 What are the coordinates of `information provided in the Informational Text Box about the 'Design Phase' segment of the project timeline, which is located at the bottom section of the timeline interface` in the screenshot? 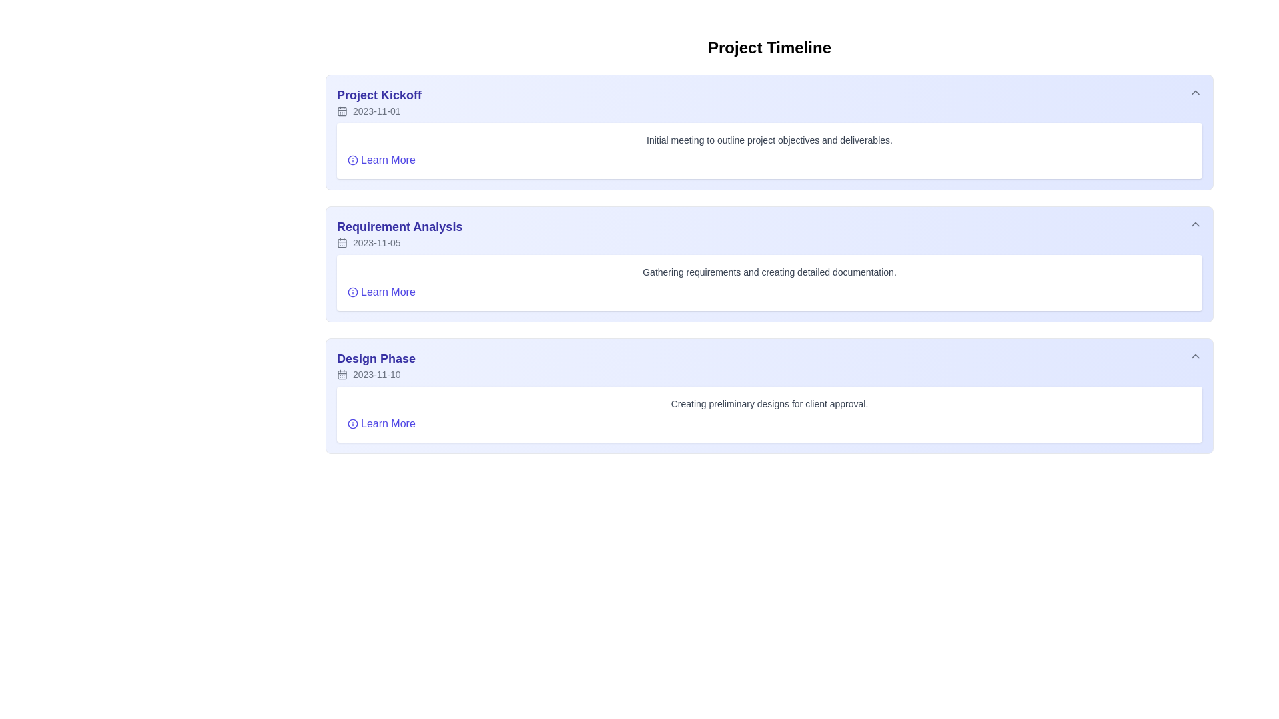 It's located at (769, 414).